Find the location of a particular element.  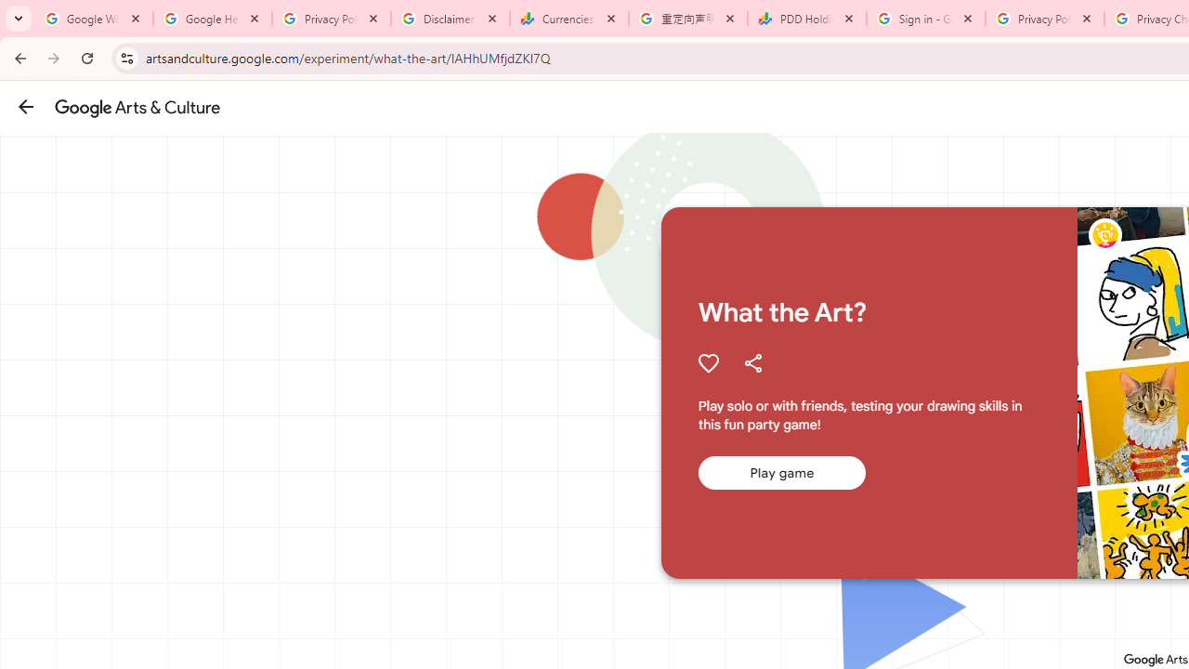

'Currencies - Google Finance' is located at coordinates (568, 19).